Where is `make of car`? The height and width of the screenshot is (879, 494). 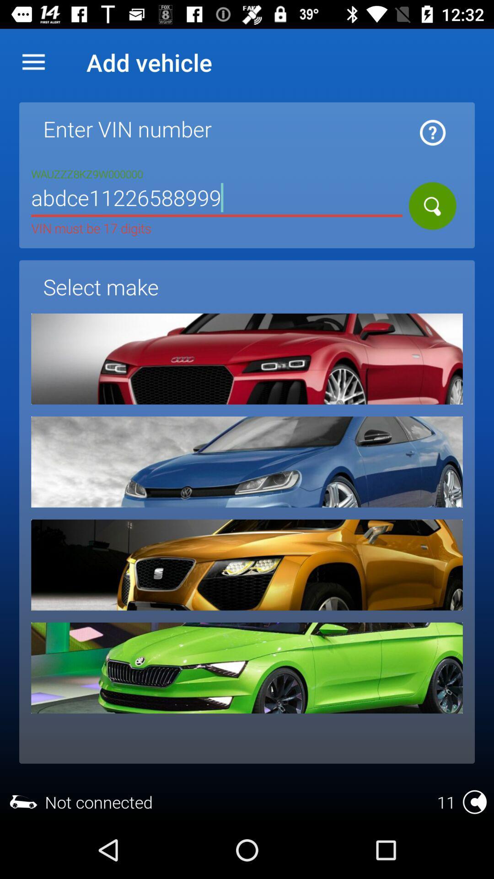
make of car is located at coordinates (247, 564).